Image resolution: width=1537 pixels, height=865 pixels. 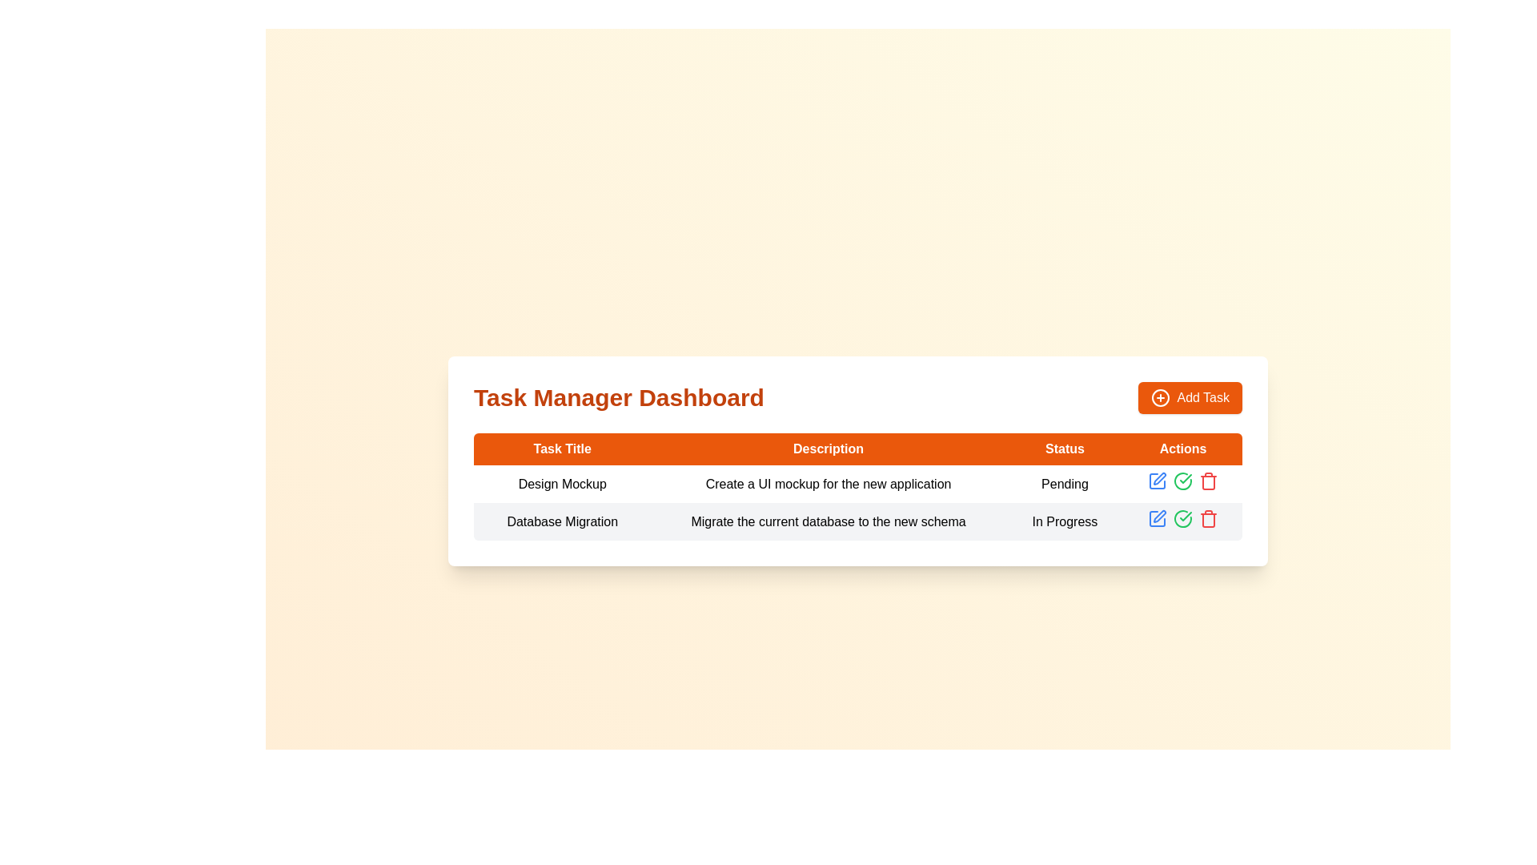 I want to click on the decorative graphic element located in the rightmost column of the 'Actions' section of the task manager interface, corresponding to the second task row, so click(x=1158, y=519).